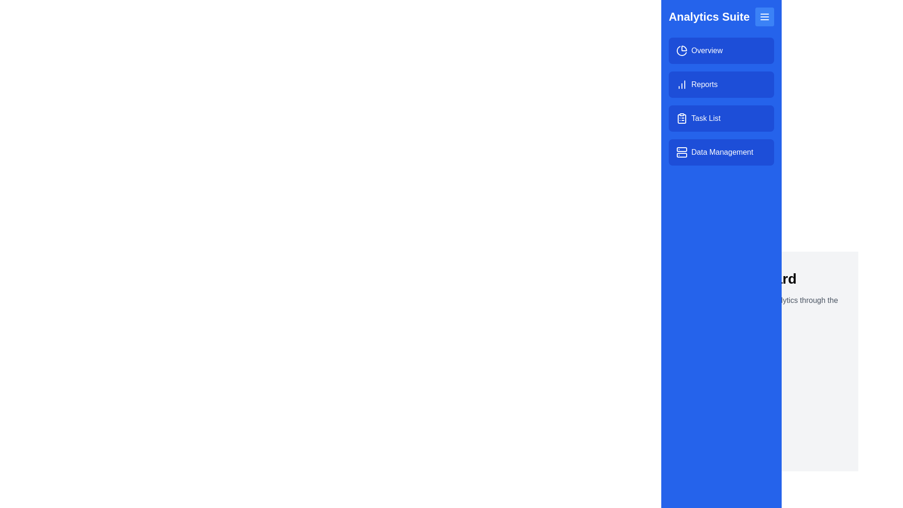 This screenshot has height=508, width=903. What do you see at coordinates (721, 85) in the screenshot?
I see `the menu item labeled Reports` at bounding box center [721, 85].